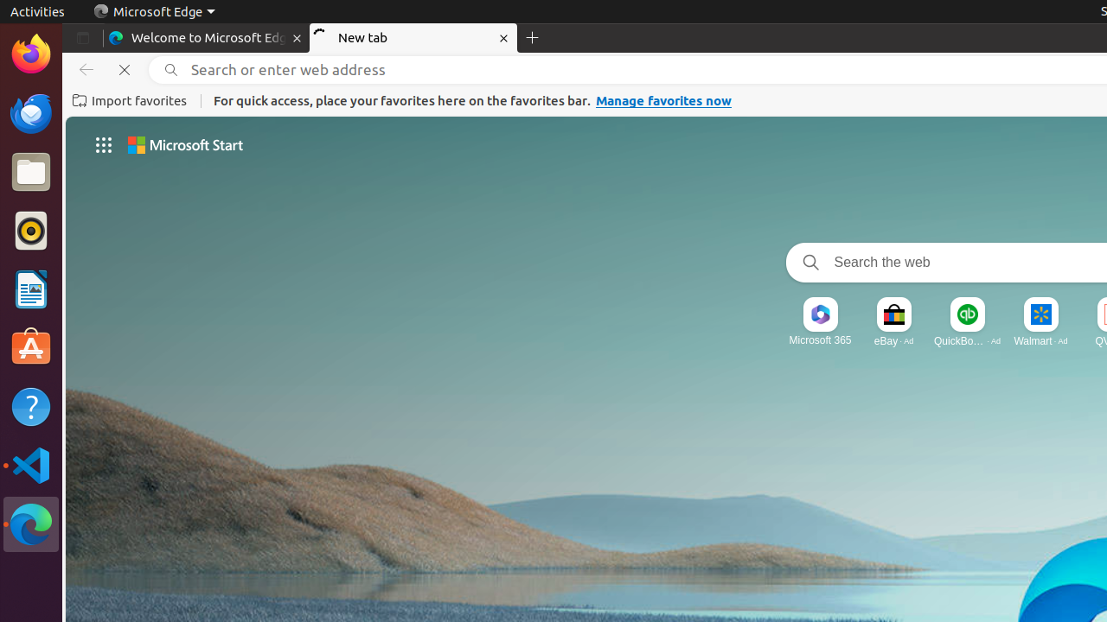  What do you see at coordinates (1040, 340) in the screenshot?
I see `'Walmart · Ad'` at bounding box center [1040, 340].